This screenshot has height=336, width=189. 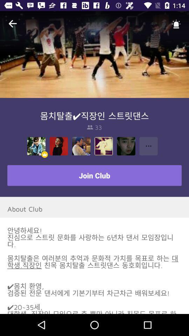 What do you see at coordinates (13, 24) in the screenshot?
I see `the arrow_backward icon` at bounding box center [13, 24].